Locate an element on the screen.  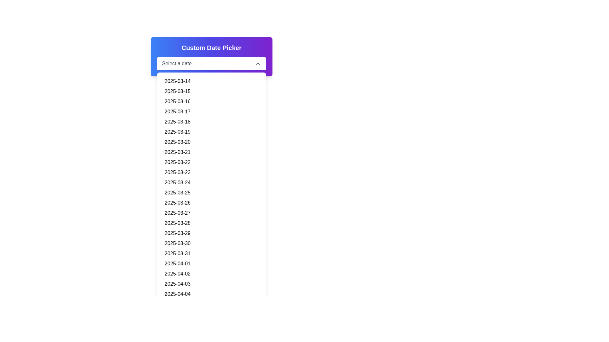
the dropdown list item displaying the date '2025-03-31' is located at coordinates (212, 253).